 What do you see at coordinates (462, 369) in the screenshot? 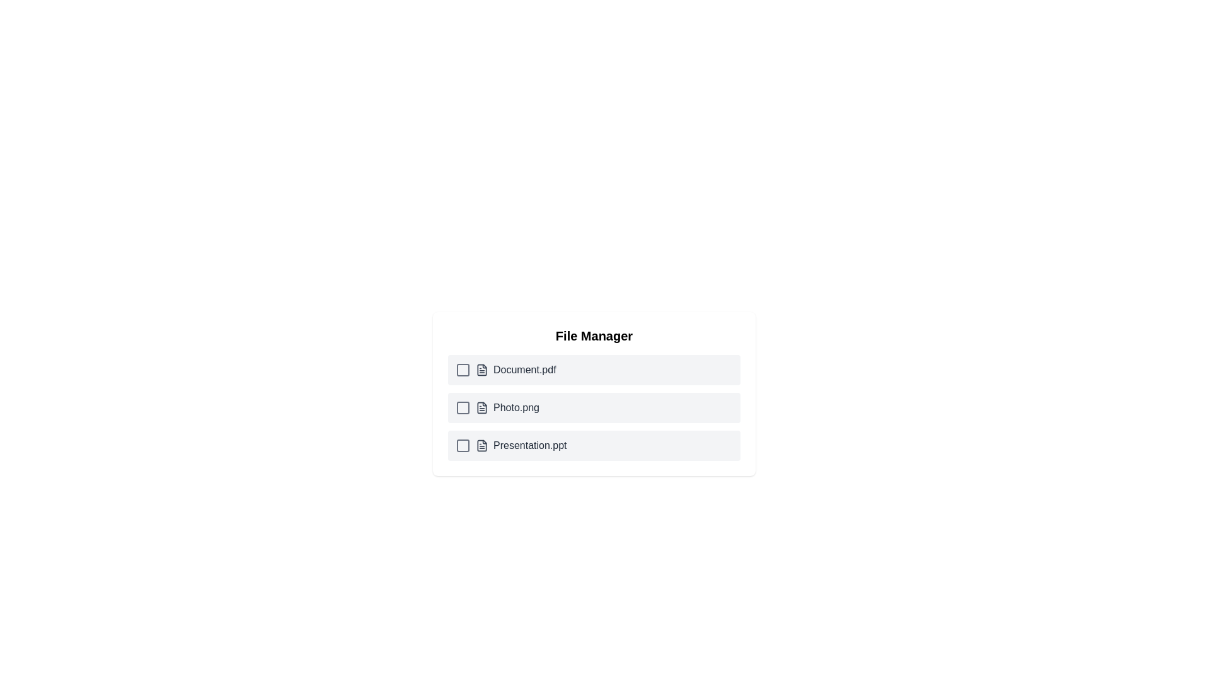
I see `the selection indicator icon associated with 'Document.pdf', which is the first icon in the list in the file manager interface` at bounding box center [462, 369].